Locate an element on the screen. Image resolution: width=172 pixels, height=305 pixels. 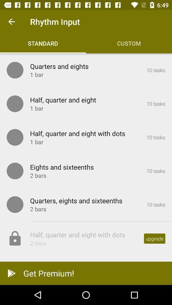
the icon next to rhythm input icon is located at coordinates (11, 22).